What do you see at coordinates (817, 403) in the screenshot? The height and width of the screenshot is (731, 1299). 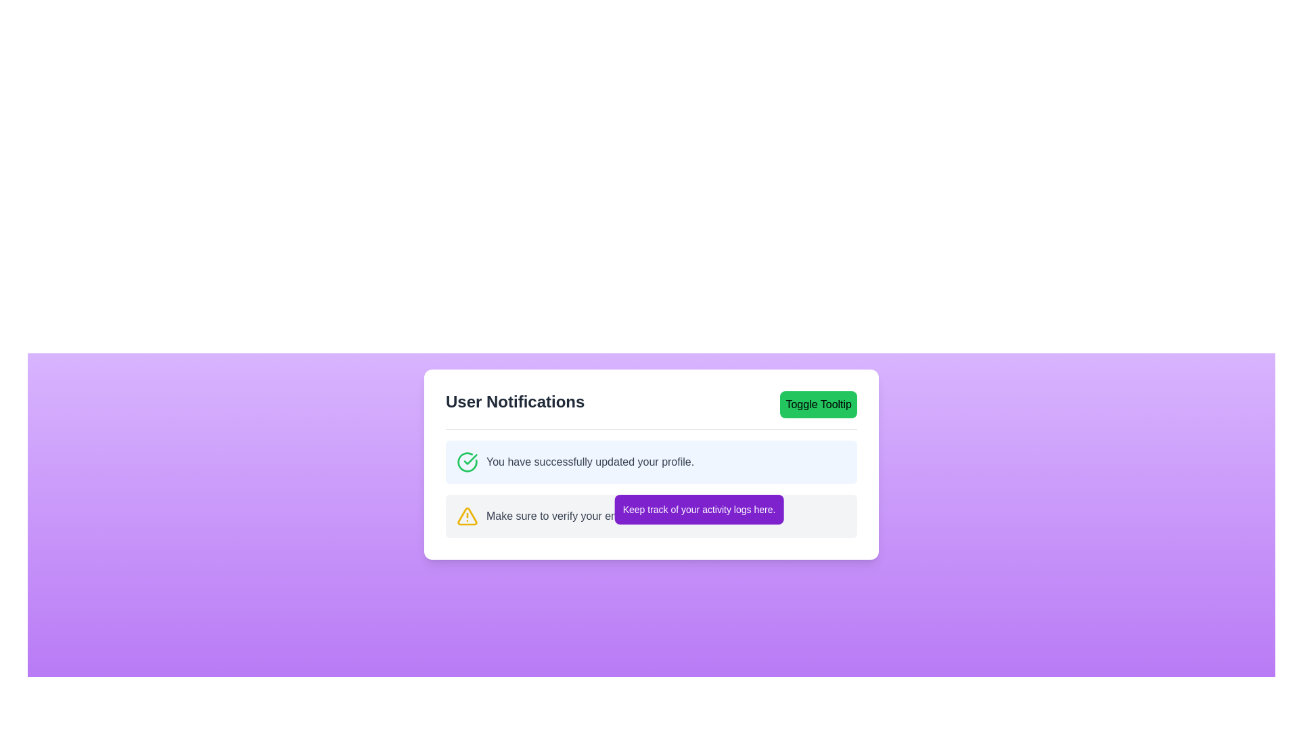 I see `the button located in the top-right corner of the 'User Notifications' section` at bounding box center [817, 403].